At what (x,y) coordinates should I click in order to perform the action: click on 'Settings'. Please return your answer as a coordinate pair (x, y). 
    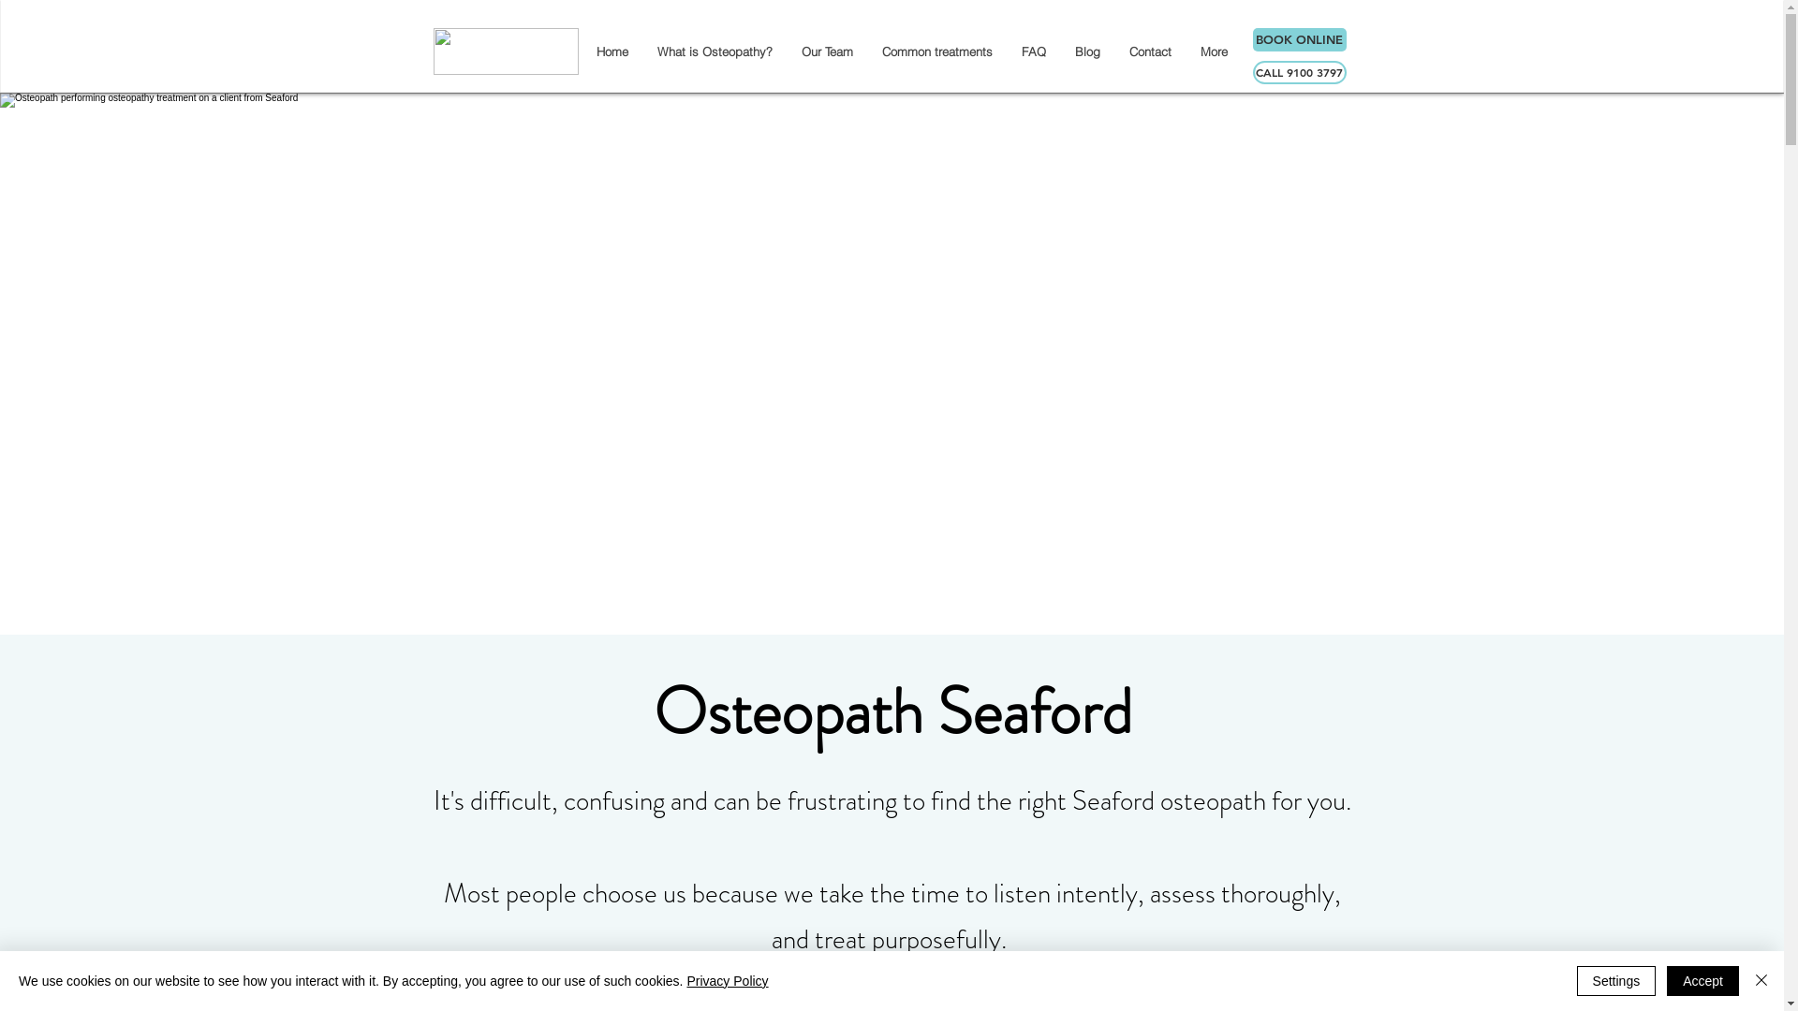
    Looking at the image, I should click on (1615, 980).